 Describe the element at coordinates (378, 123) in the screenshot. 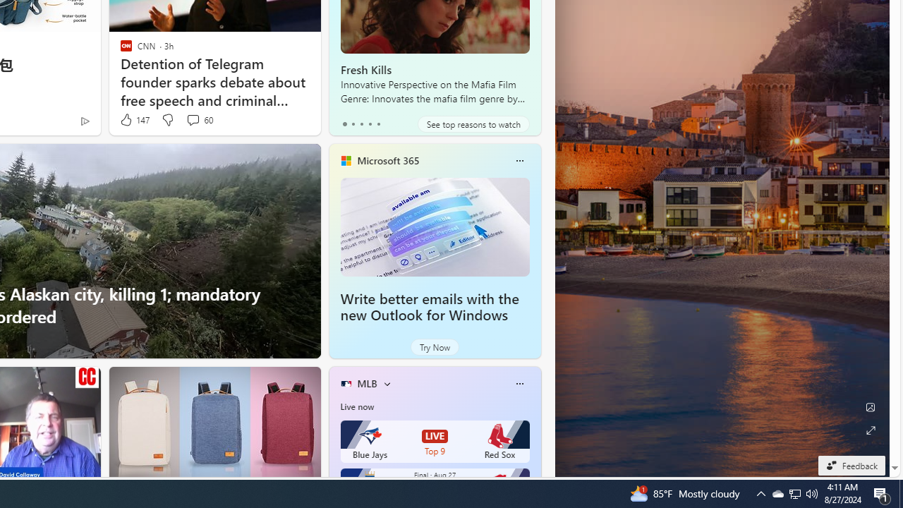

I see `'tab-4'` at that location.